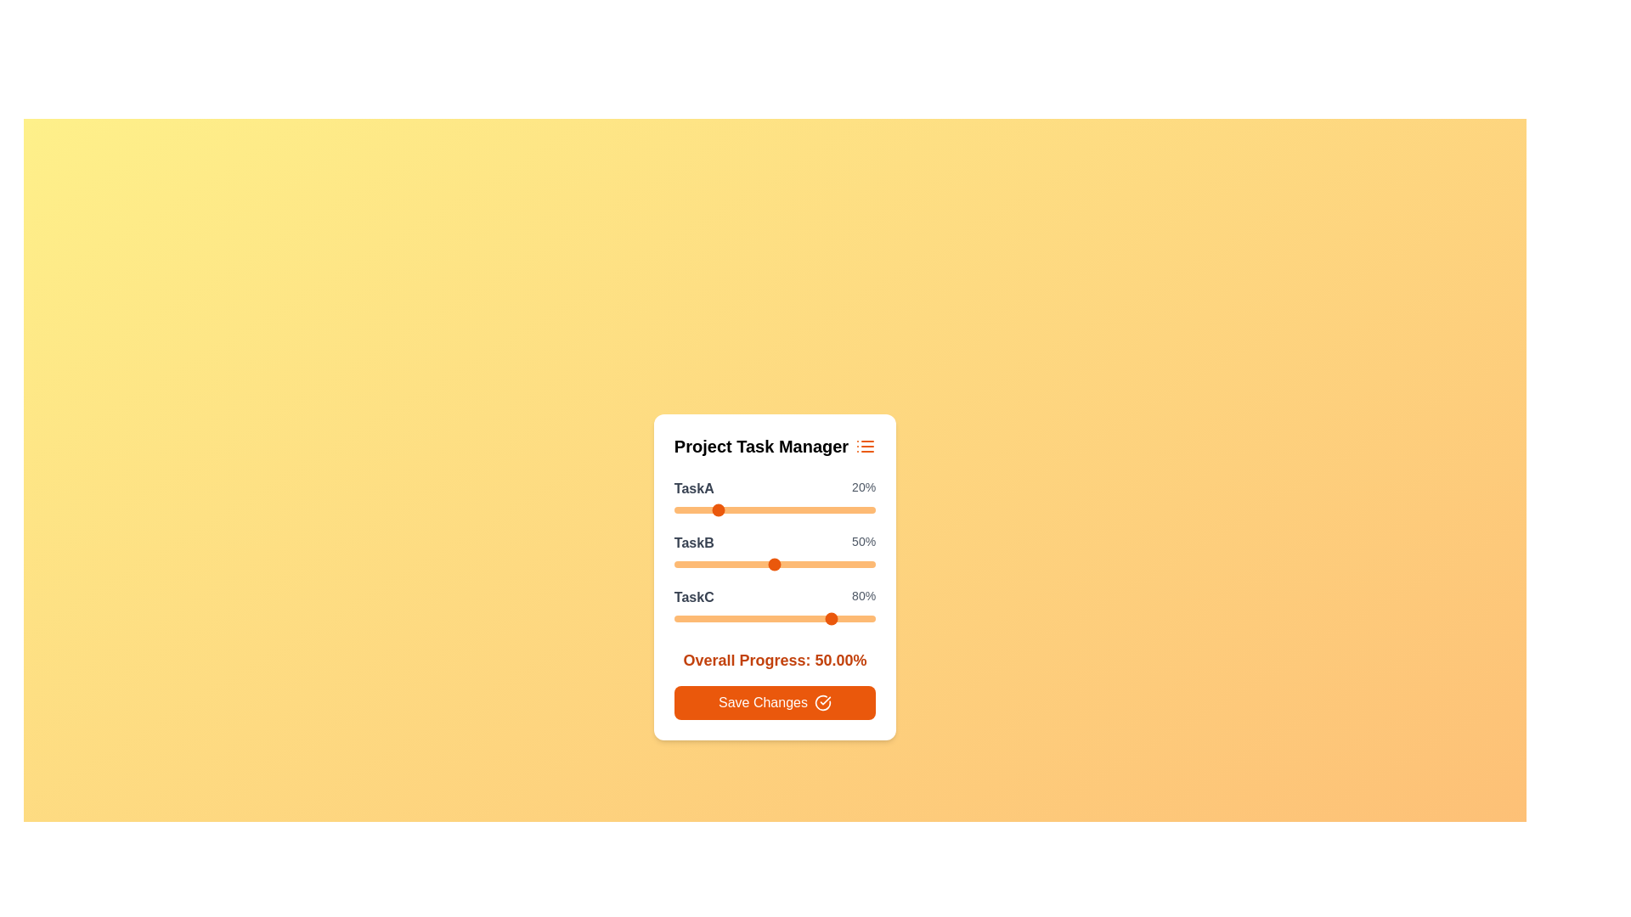  What do you see at coordinates (774, 703) in the screenshot?
I see `the 'Save Changes' button to save the task progress` at bounding box center [774, 703].